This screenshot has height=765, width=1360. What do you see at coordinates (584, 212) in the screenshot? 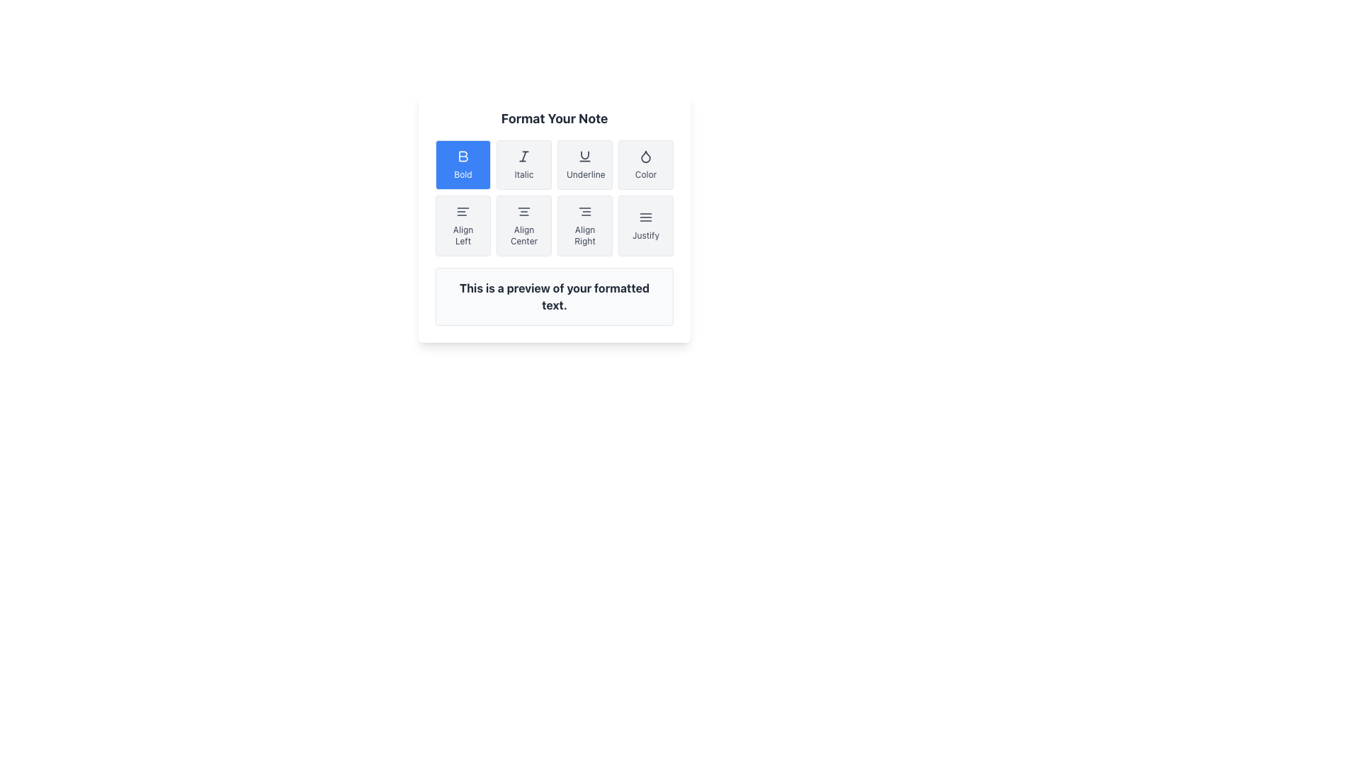
I see `the compact right alignment icon, which consists of three horizontal lines of varying lengths` at bounding box center [584, 212].